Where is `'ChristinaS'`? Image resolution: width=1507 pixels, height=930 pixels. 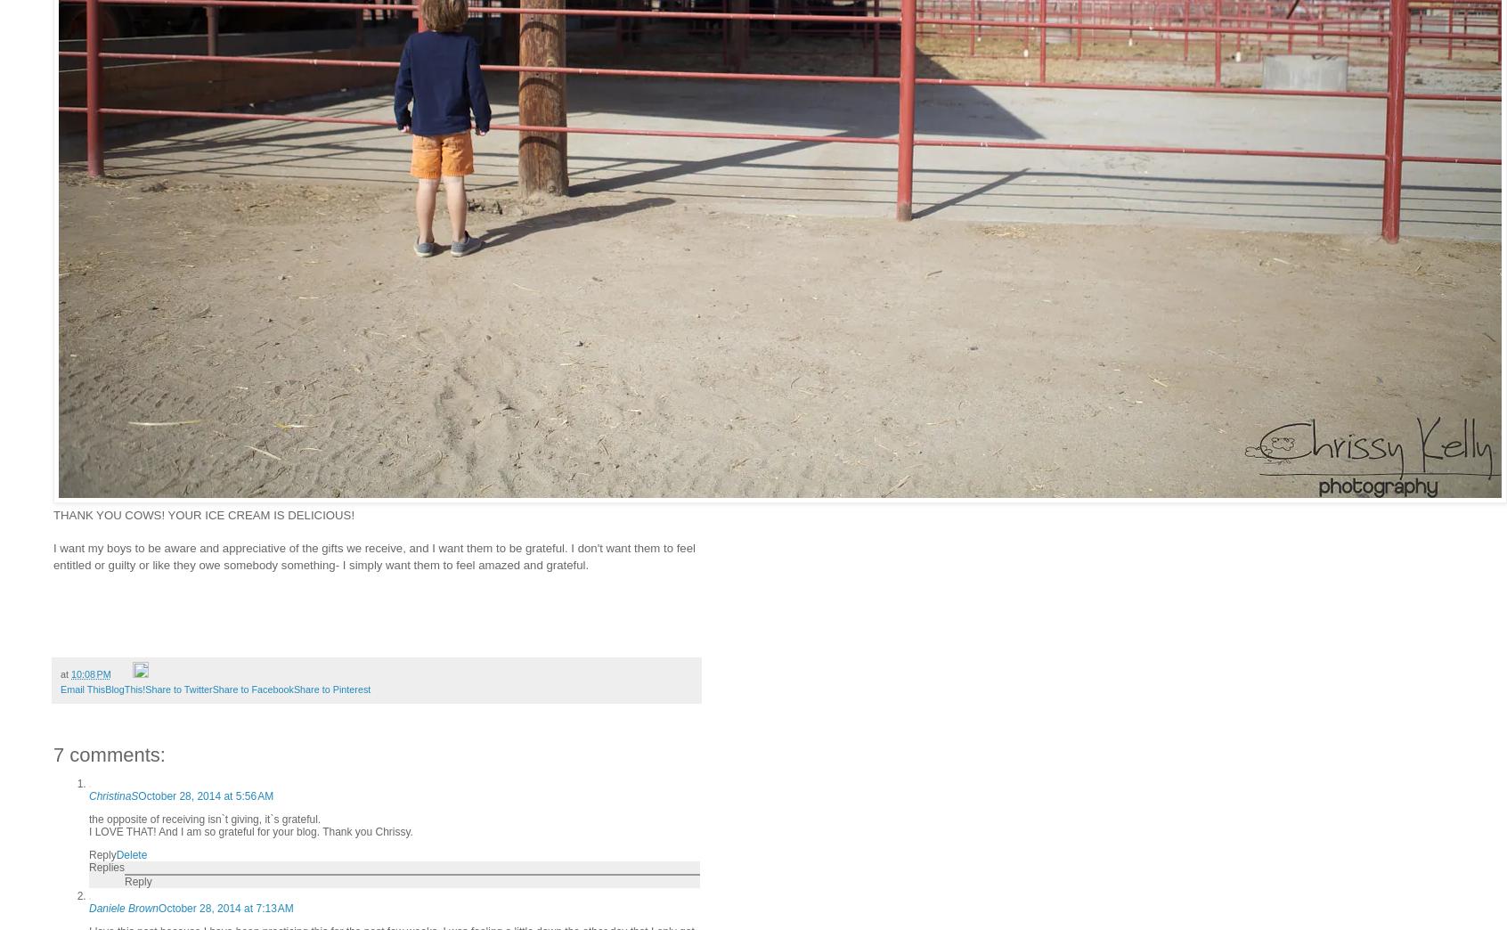
'ChristinaS' is located at coordinates (113, 795).